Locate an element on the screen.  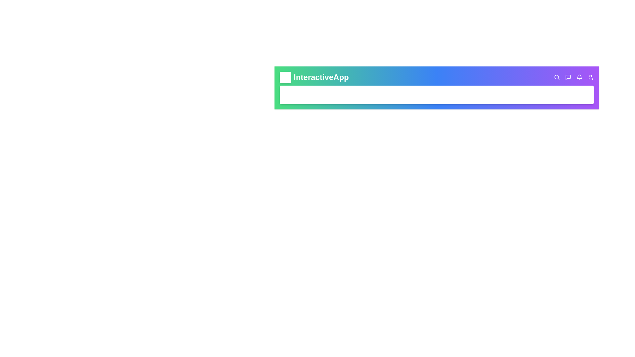
the Profile icon to perform its associated action is located at coordinates (590, 77).